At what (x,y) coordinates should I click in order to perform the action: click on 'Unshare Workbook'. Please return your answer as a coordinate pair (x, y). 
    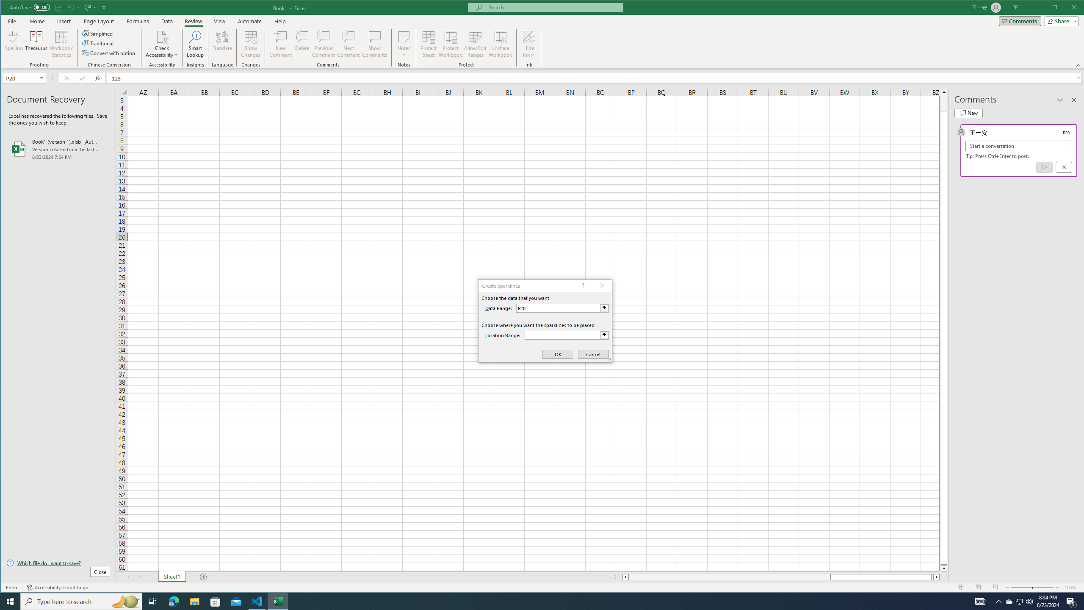
    Looking at the image, I should click on (500, 44).